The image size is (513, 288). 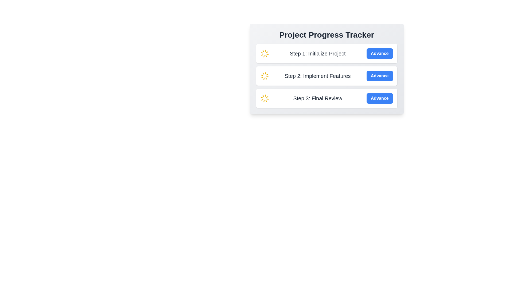 I want to click on the button located on the far-right side of the row starting with a spinning yellow icon and the text label 'Step 1: Initialize Project', so click(x=379, y=53).